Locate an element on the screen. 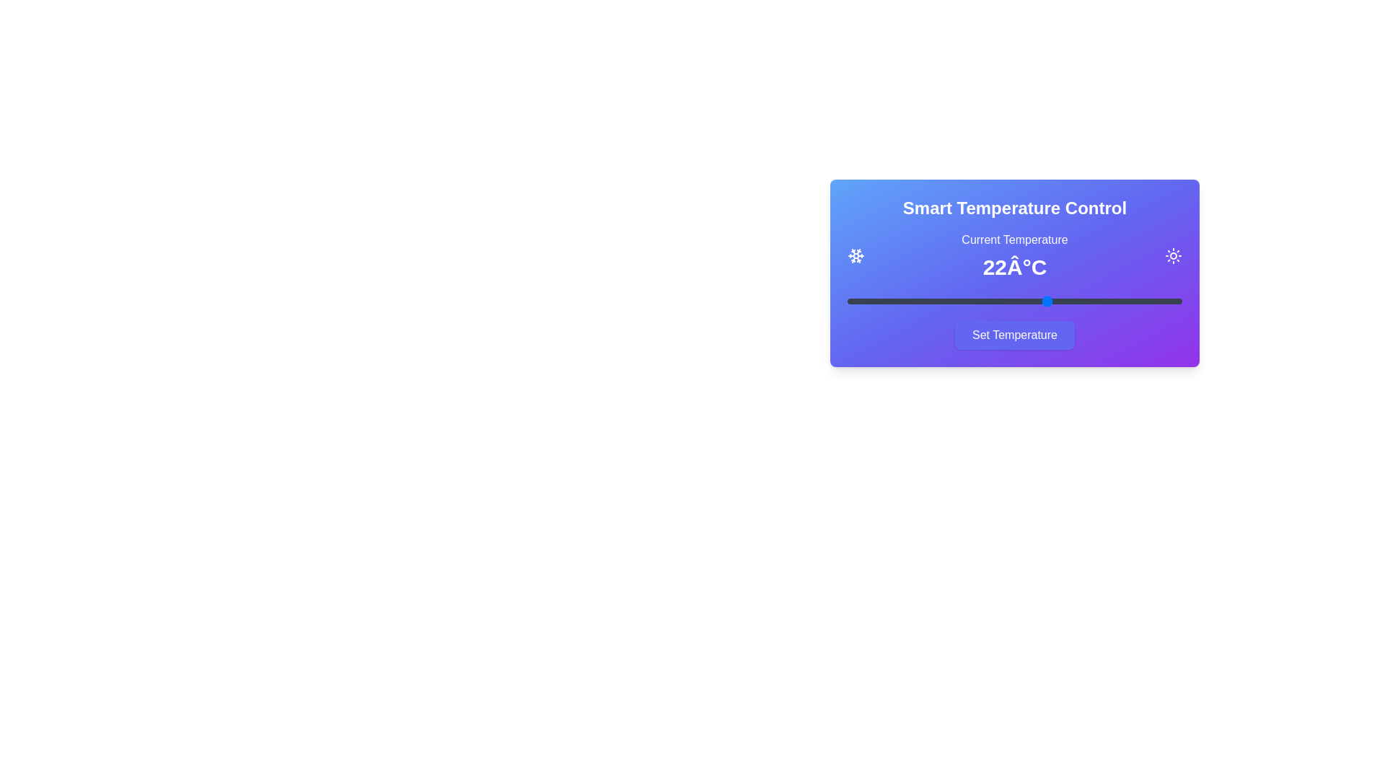 Image resolution: width=1385 pixels, height=779 pixels. the temperature slider is located at coordinates (964, 300).